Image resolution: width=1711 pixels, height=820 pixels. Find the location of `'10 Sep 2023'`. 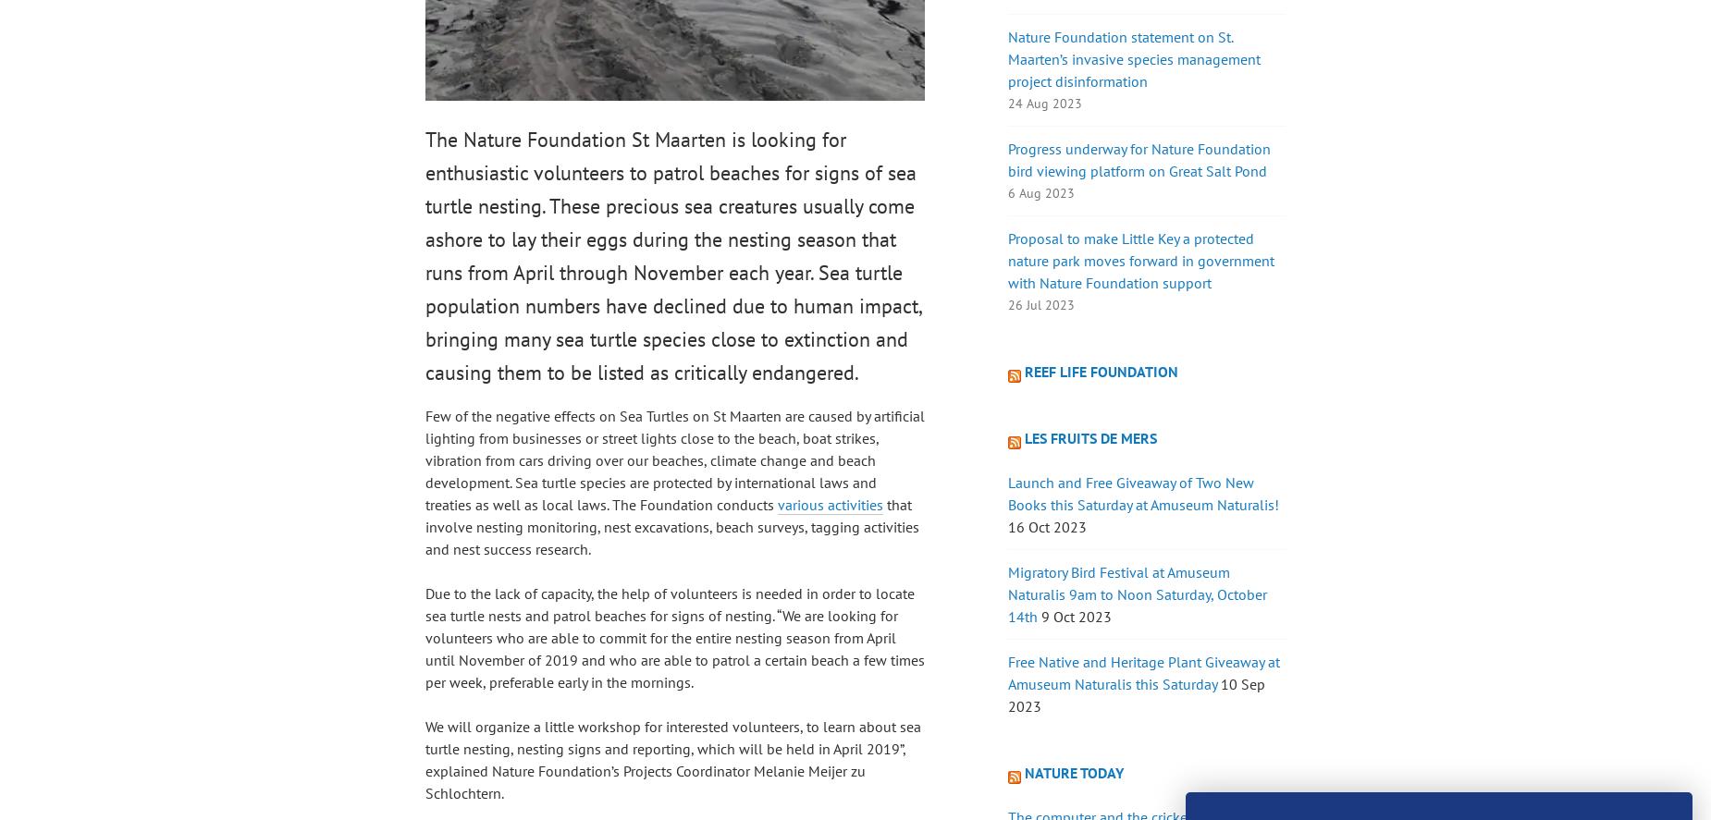

'10 Sep 2023' is located at coordinates (1135, 693).